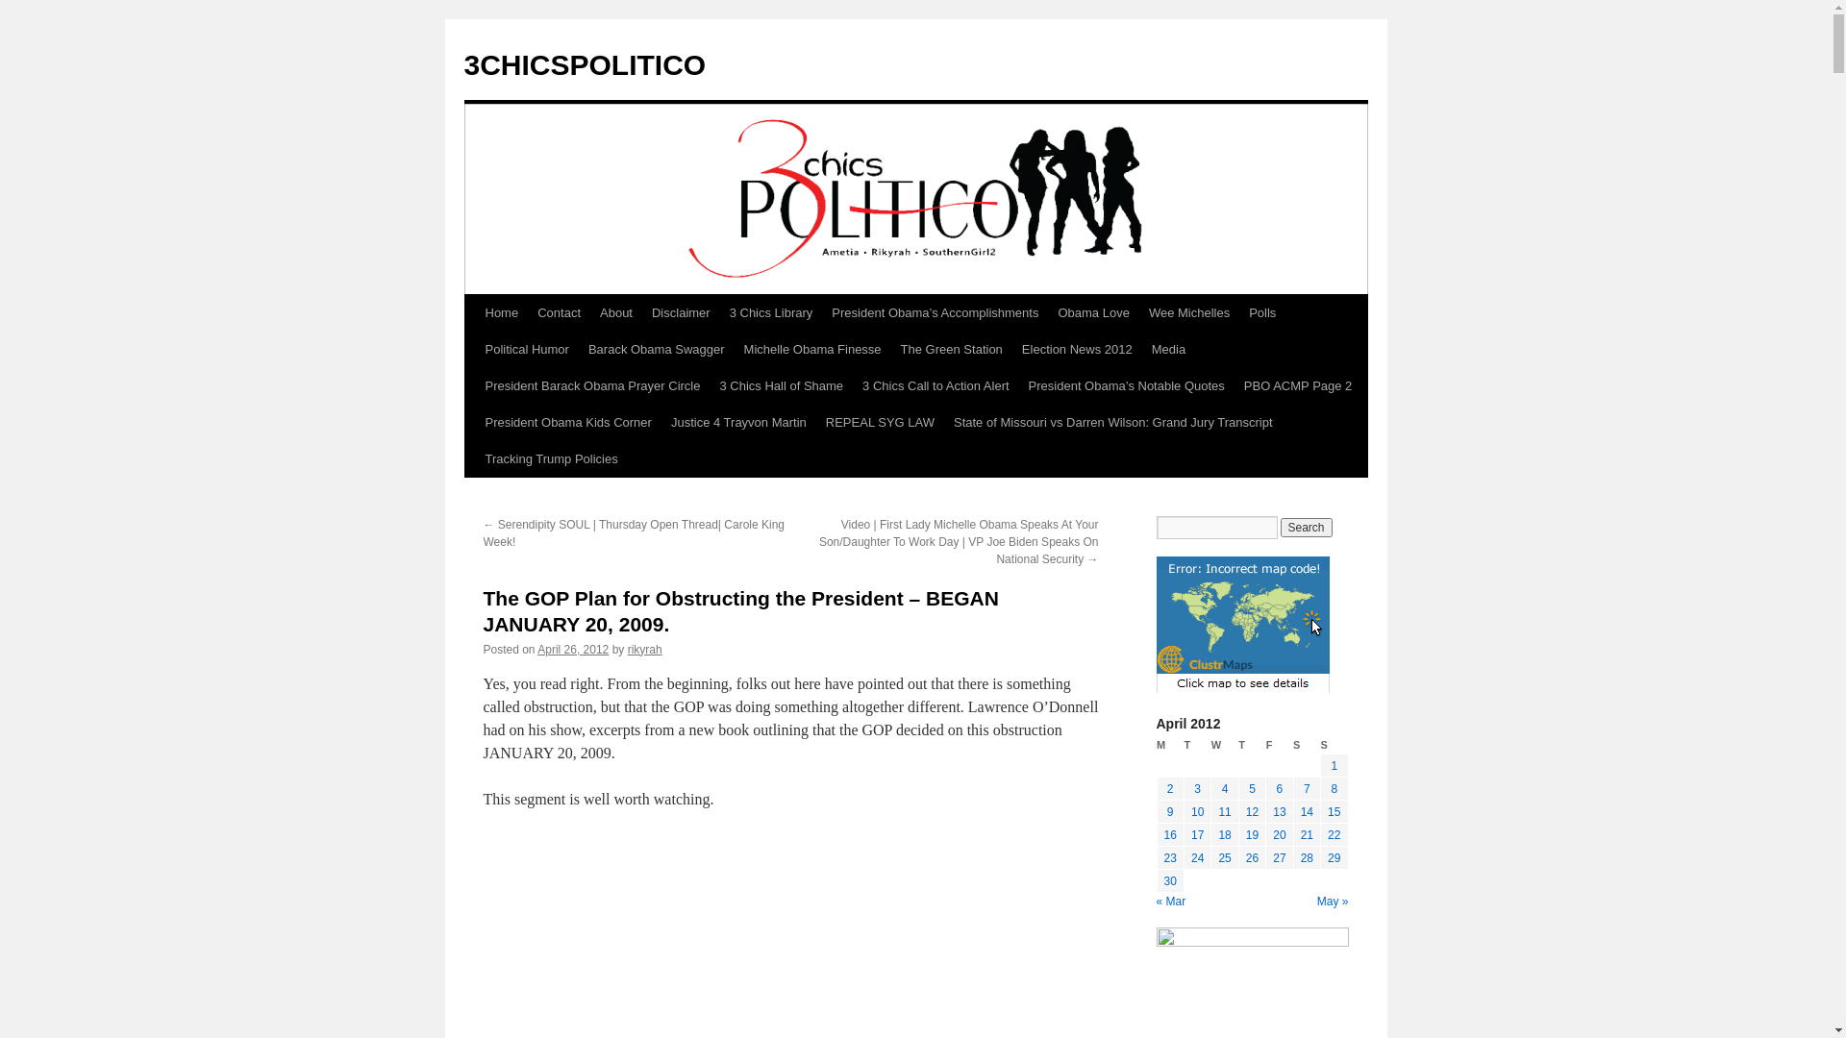 Image resolution: width=1846 pixels, height=1038 pixels. Describe the element at coordinates (501, 312) in the screenshot. I see `'Home'` at that location.